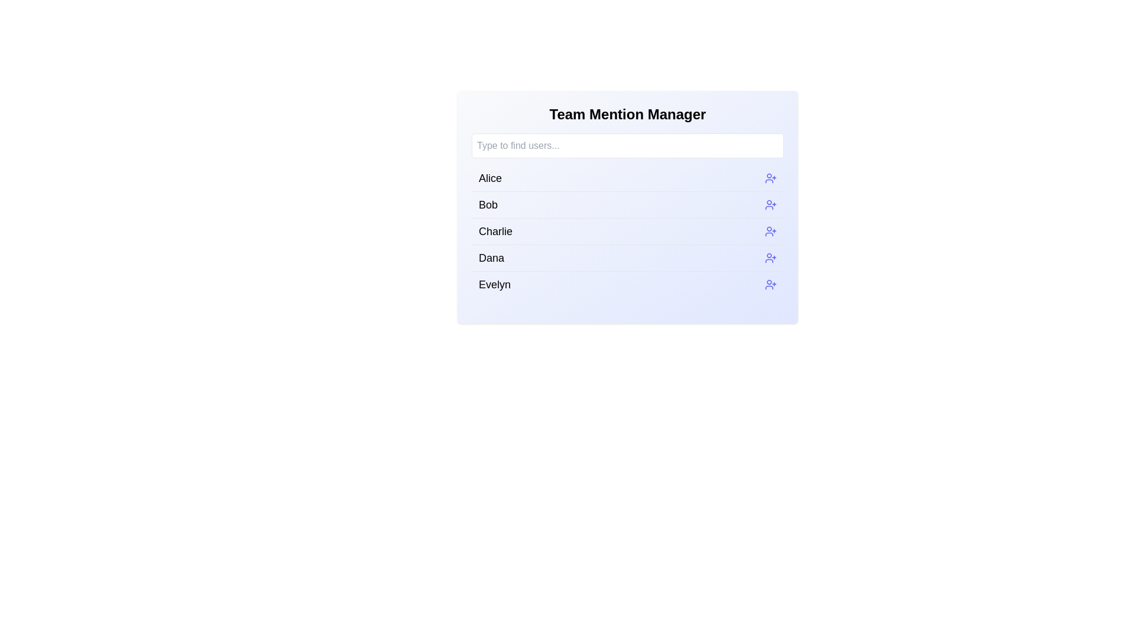 The image size is (1135, 638). Describe the element at coordinates (771, 257) in the screenshot. I see `the user addition icon, which is a small blue circular button with a plus sign, located to the right of the user 'Dana' in the user list` at that location.